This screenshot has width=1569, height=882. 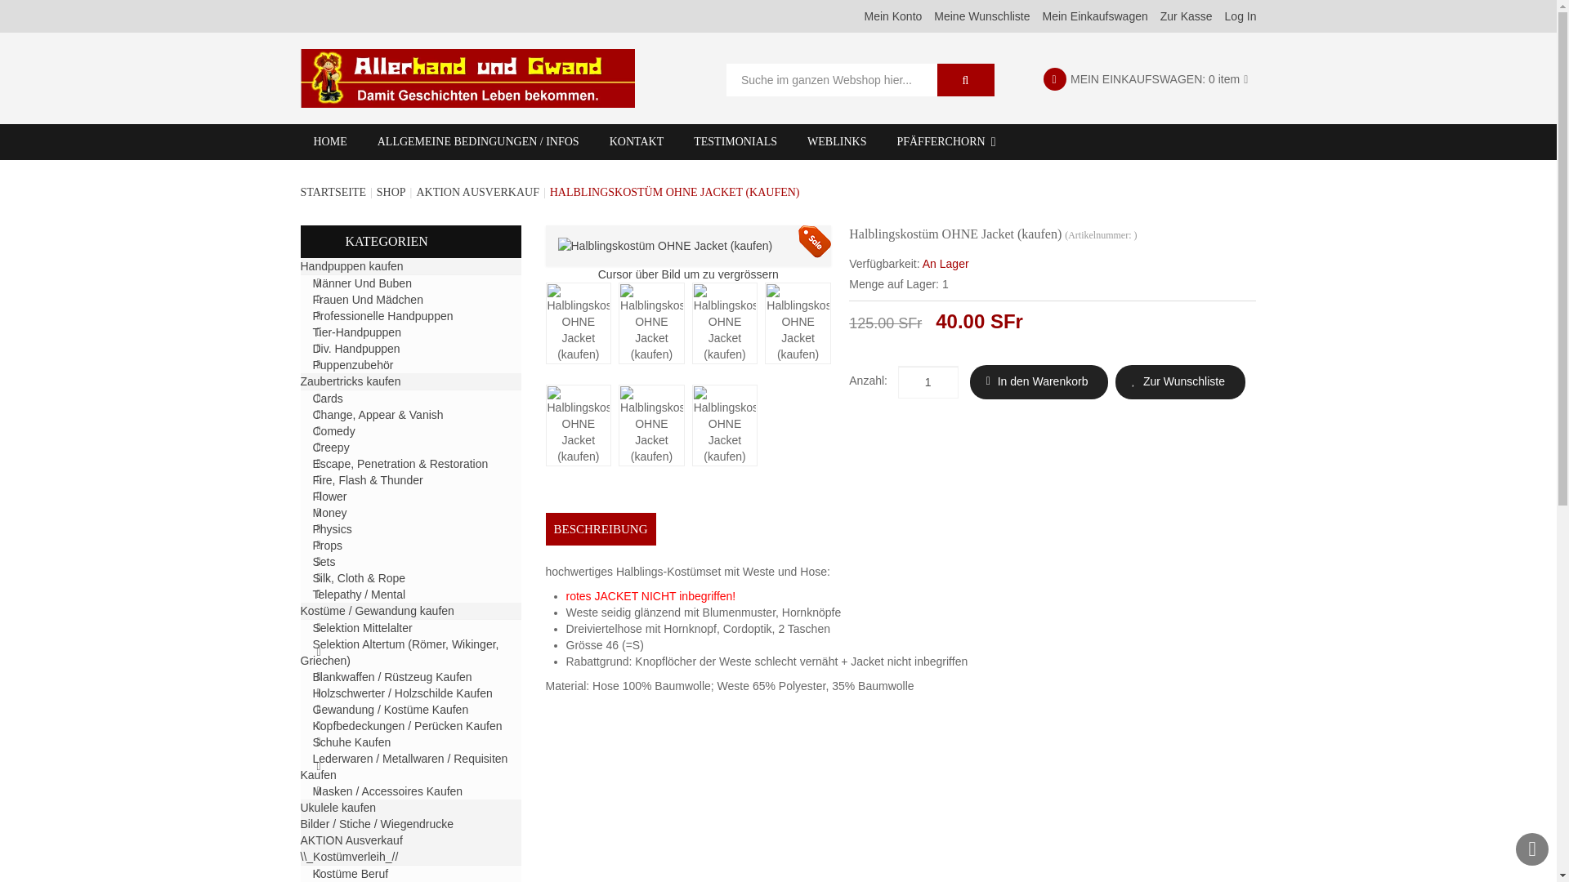 What do you see at coordinates (327, 399) in the screenshot?
I see `'Cards'` at bounding box center [327, 399].